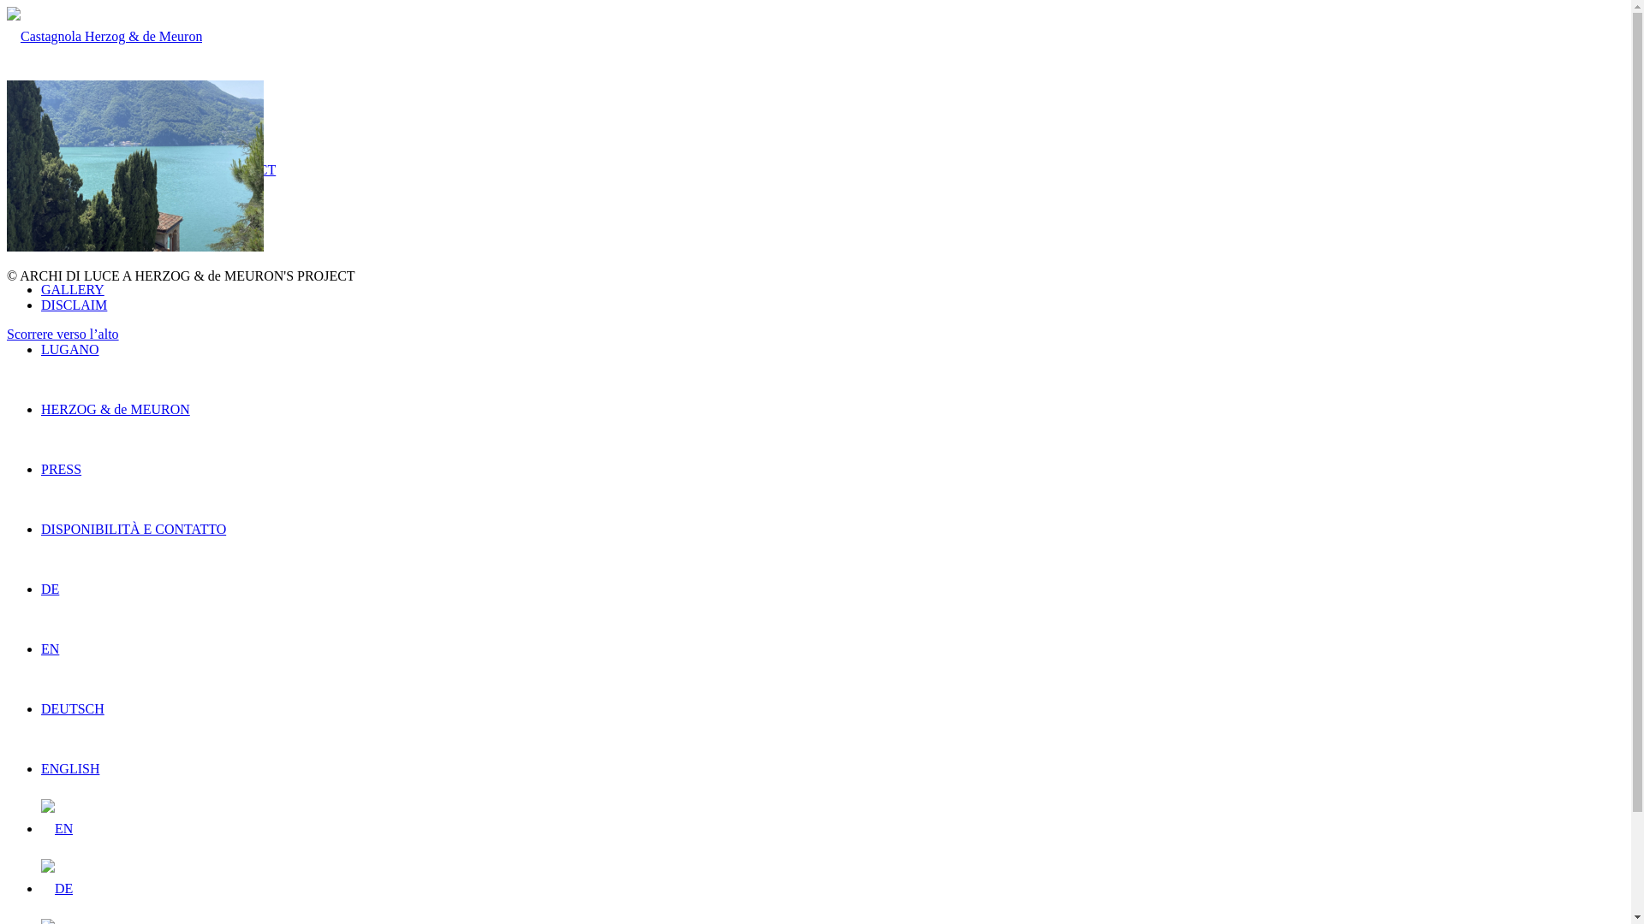 Image resolution: width=1644 pixels, height=924 pixels. Describe the element at coordinates (41, 767) in the screenshot. I see `'ENGLISH'` at that location.